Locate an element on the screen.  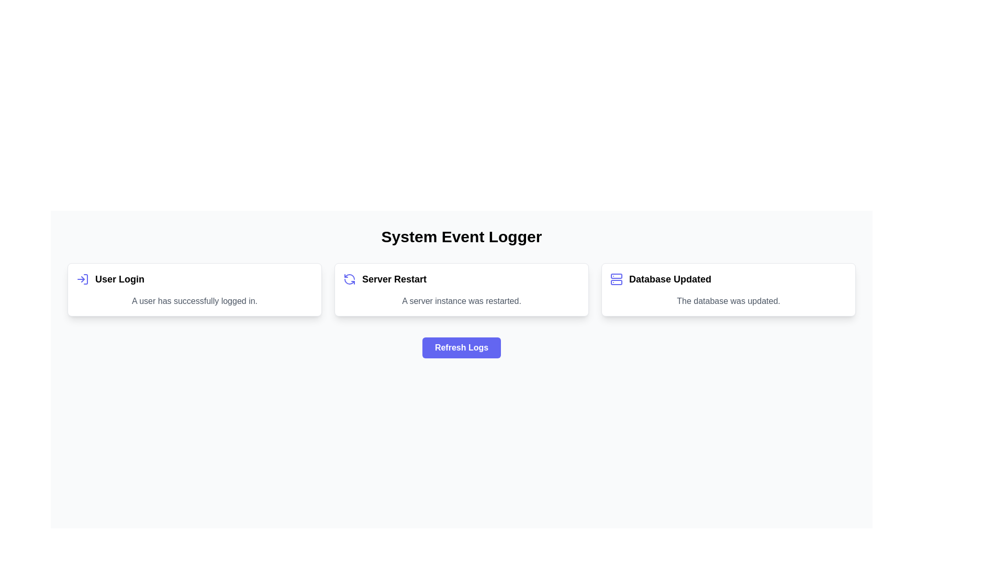
the notification card indicating a user login event, which summarizes 'User Login' and details 'A user has successfully logged in.' is located at coordinates (195, 290).